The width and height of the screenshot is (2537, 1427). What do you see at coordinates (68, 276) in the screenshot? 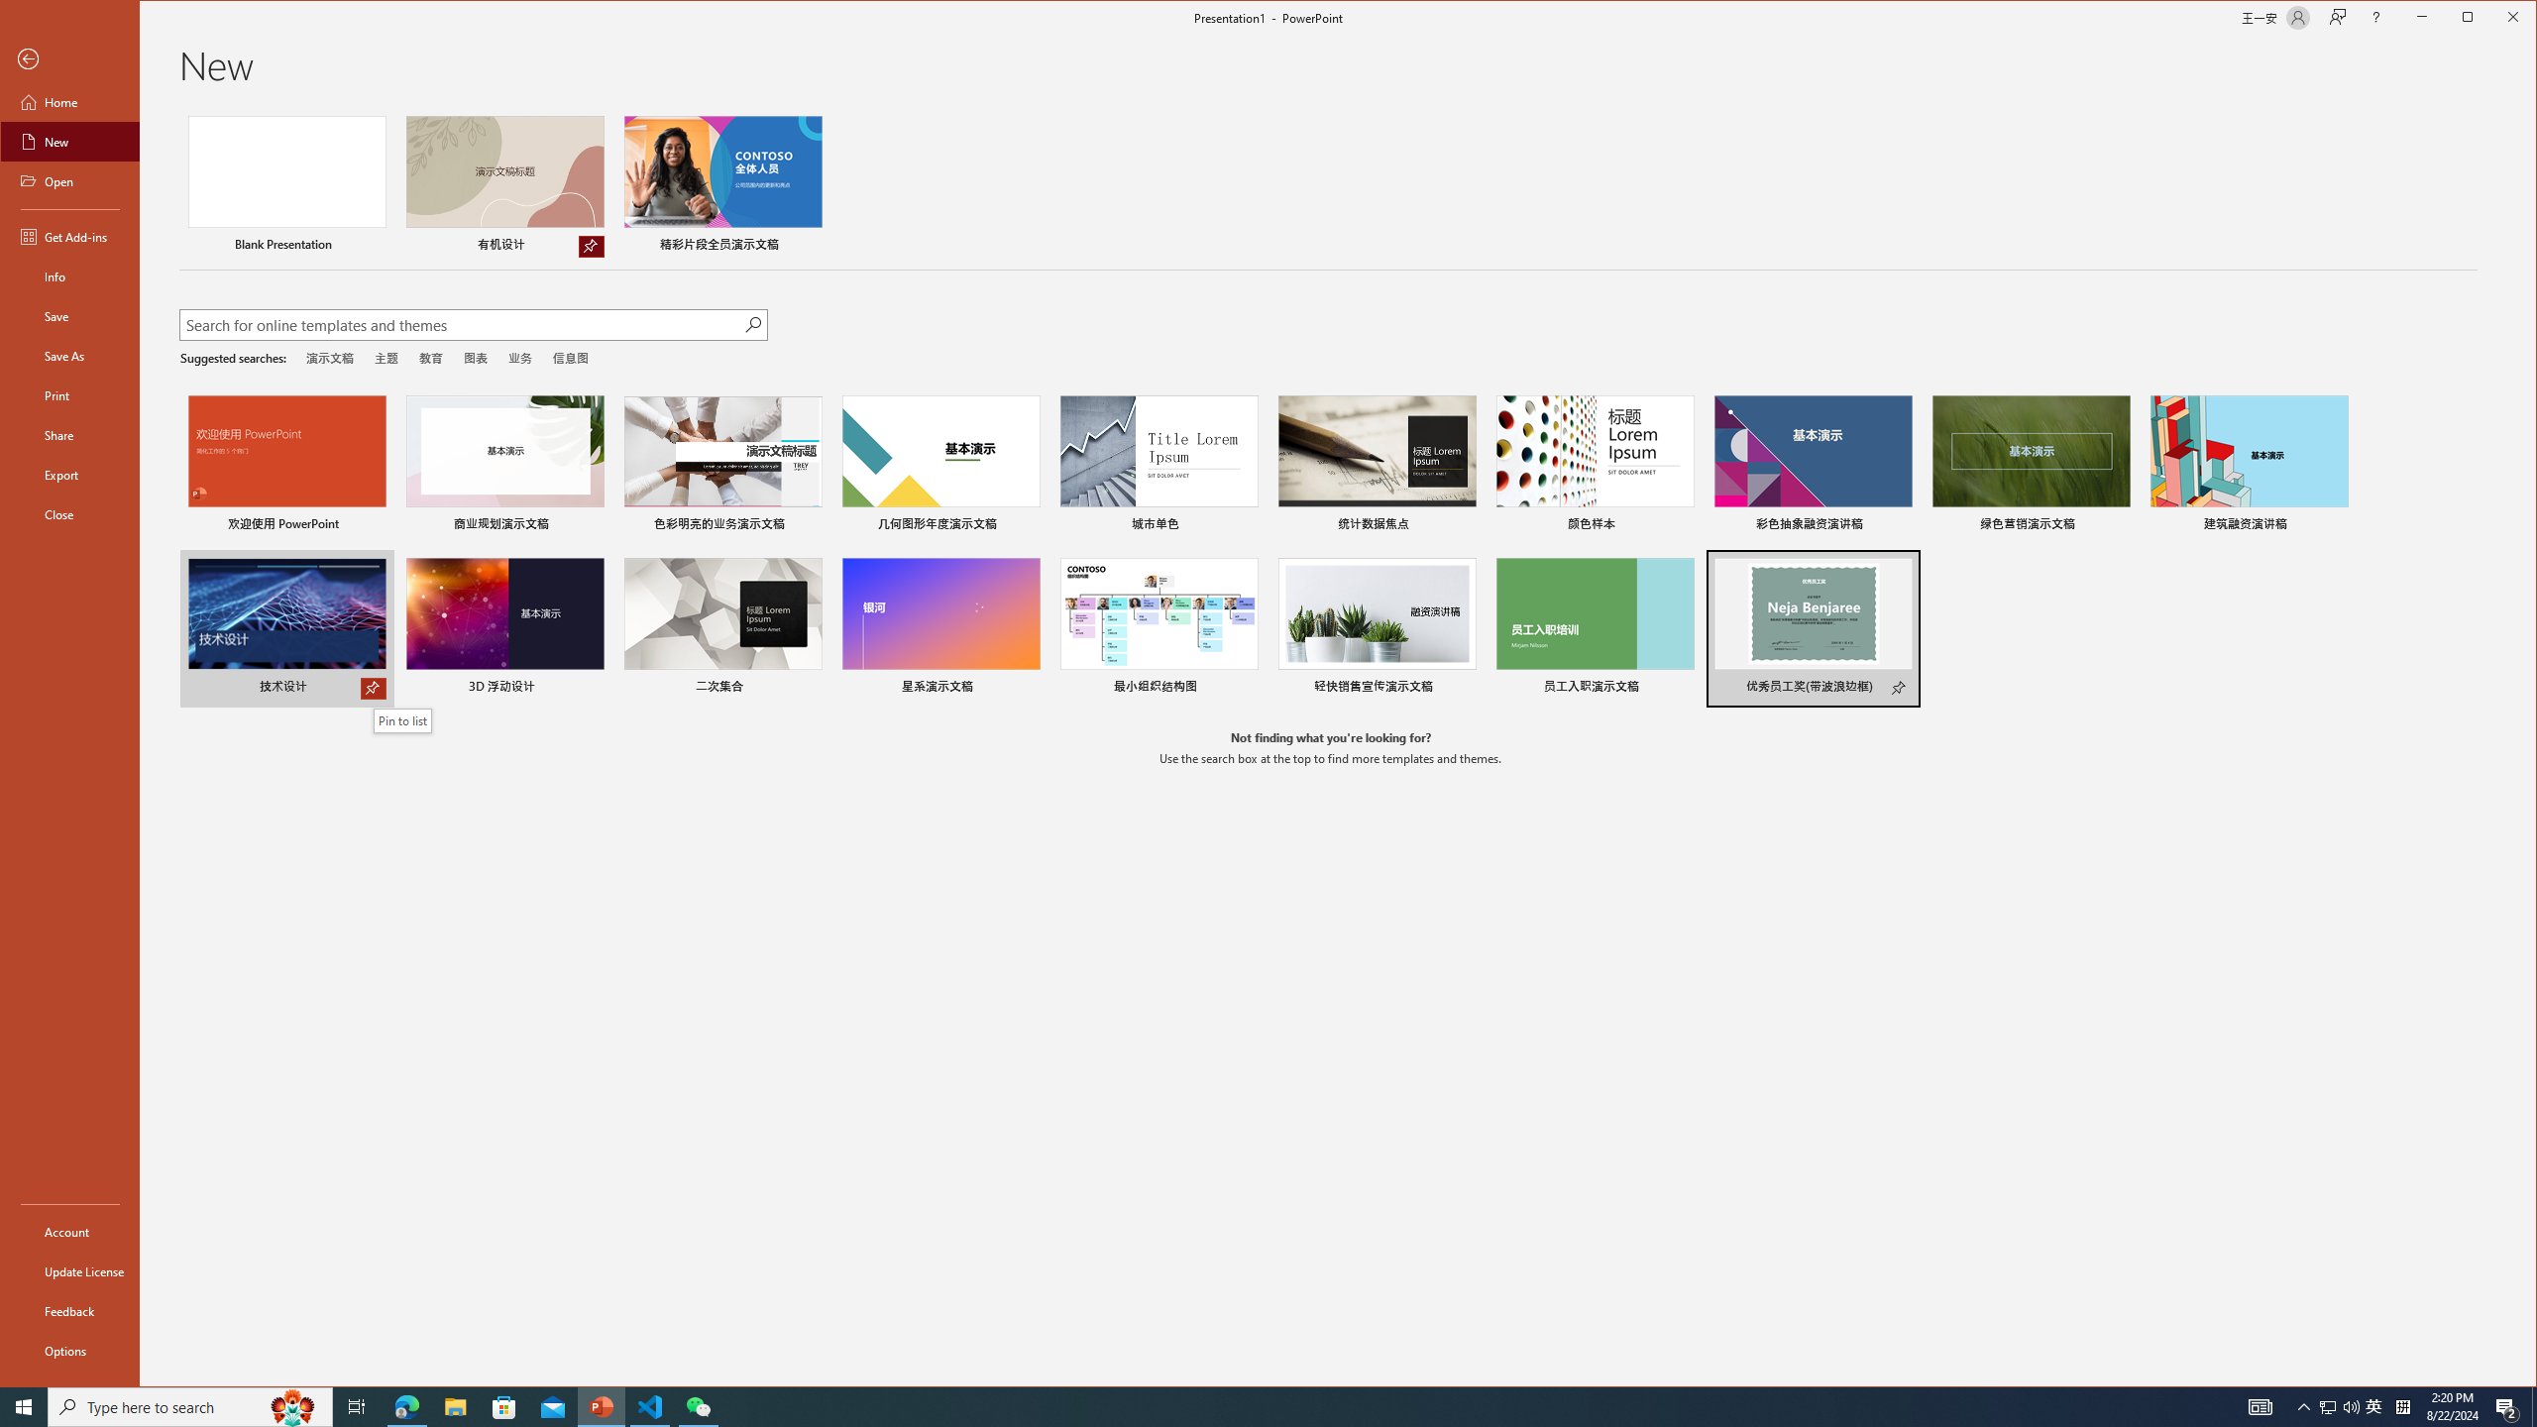
I see `'Info'` at bounding box center [68, 276].